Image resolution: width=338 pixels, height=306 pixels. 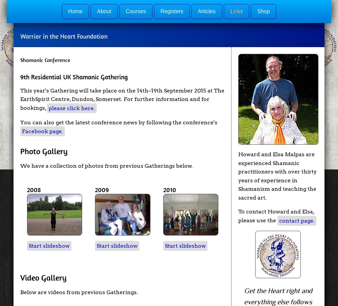 I want to click on '2010', so click(x=169, y=189).